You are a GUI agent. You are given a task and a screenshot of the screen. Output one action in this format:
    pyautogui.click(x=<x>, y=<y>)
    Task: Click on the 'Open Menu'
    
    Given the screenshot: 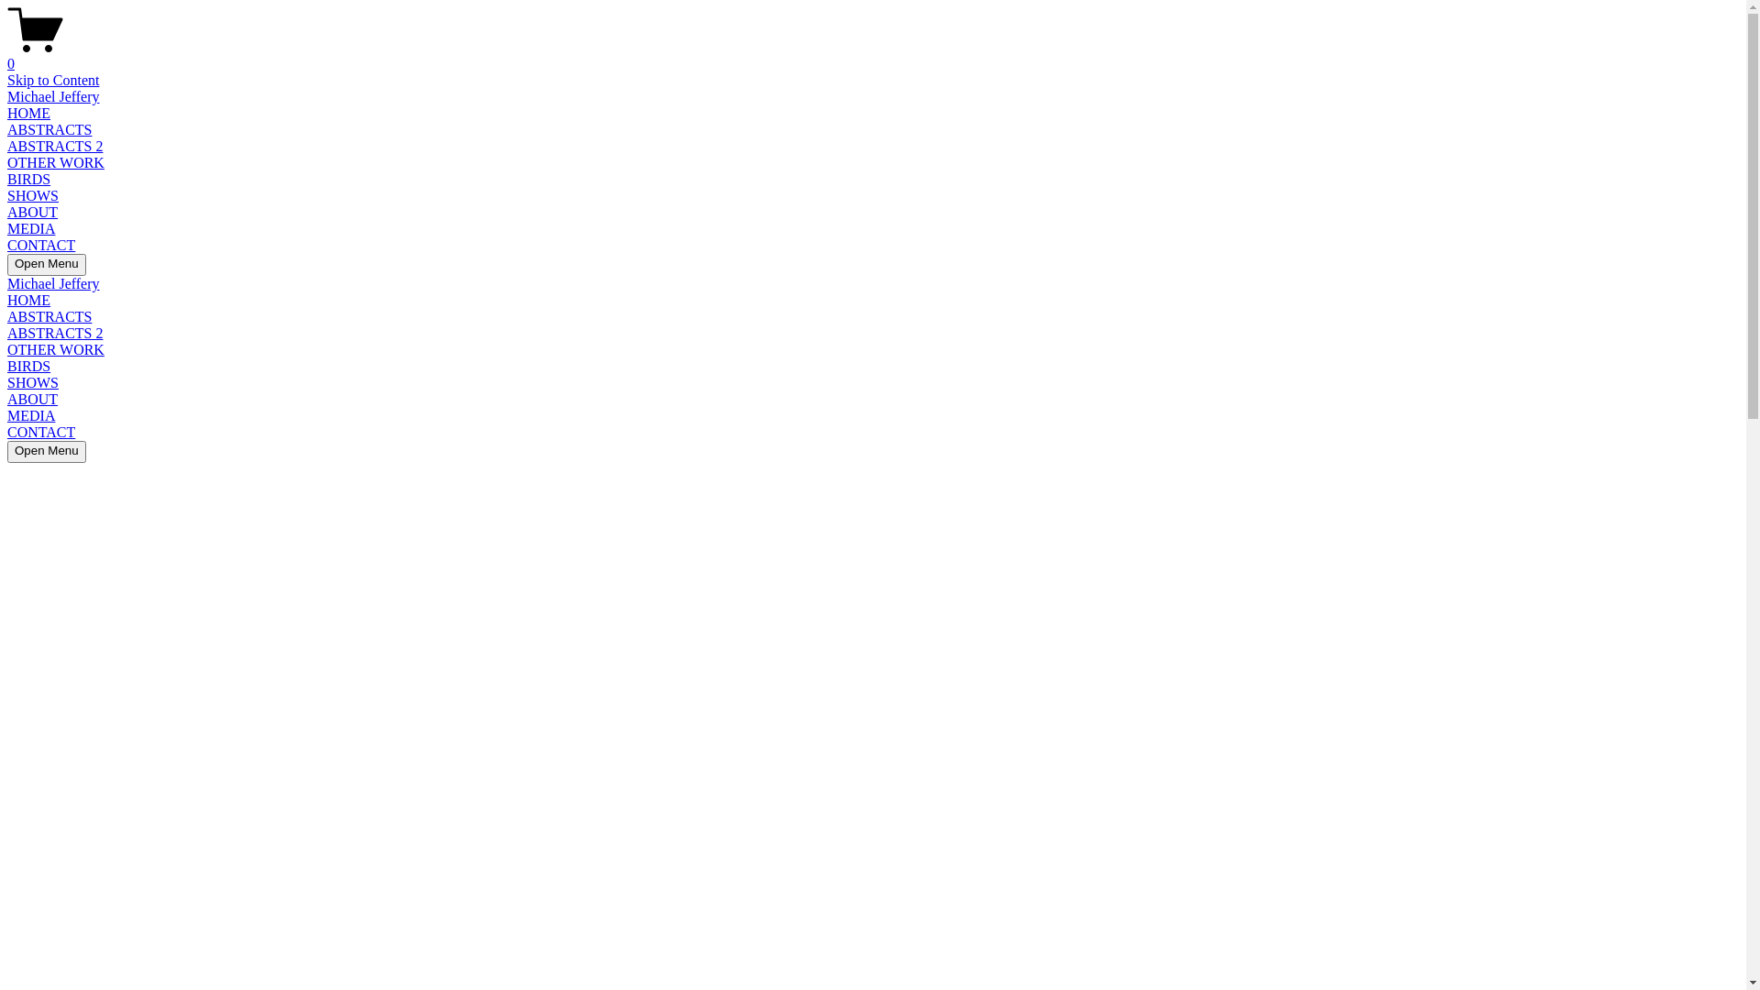 What is the action you would take?
    pyautogui.click(x=7, y=265)
    